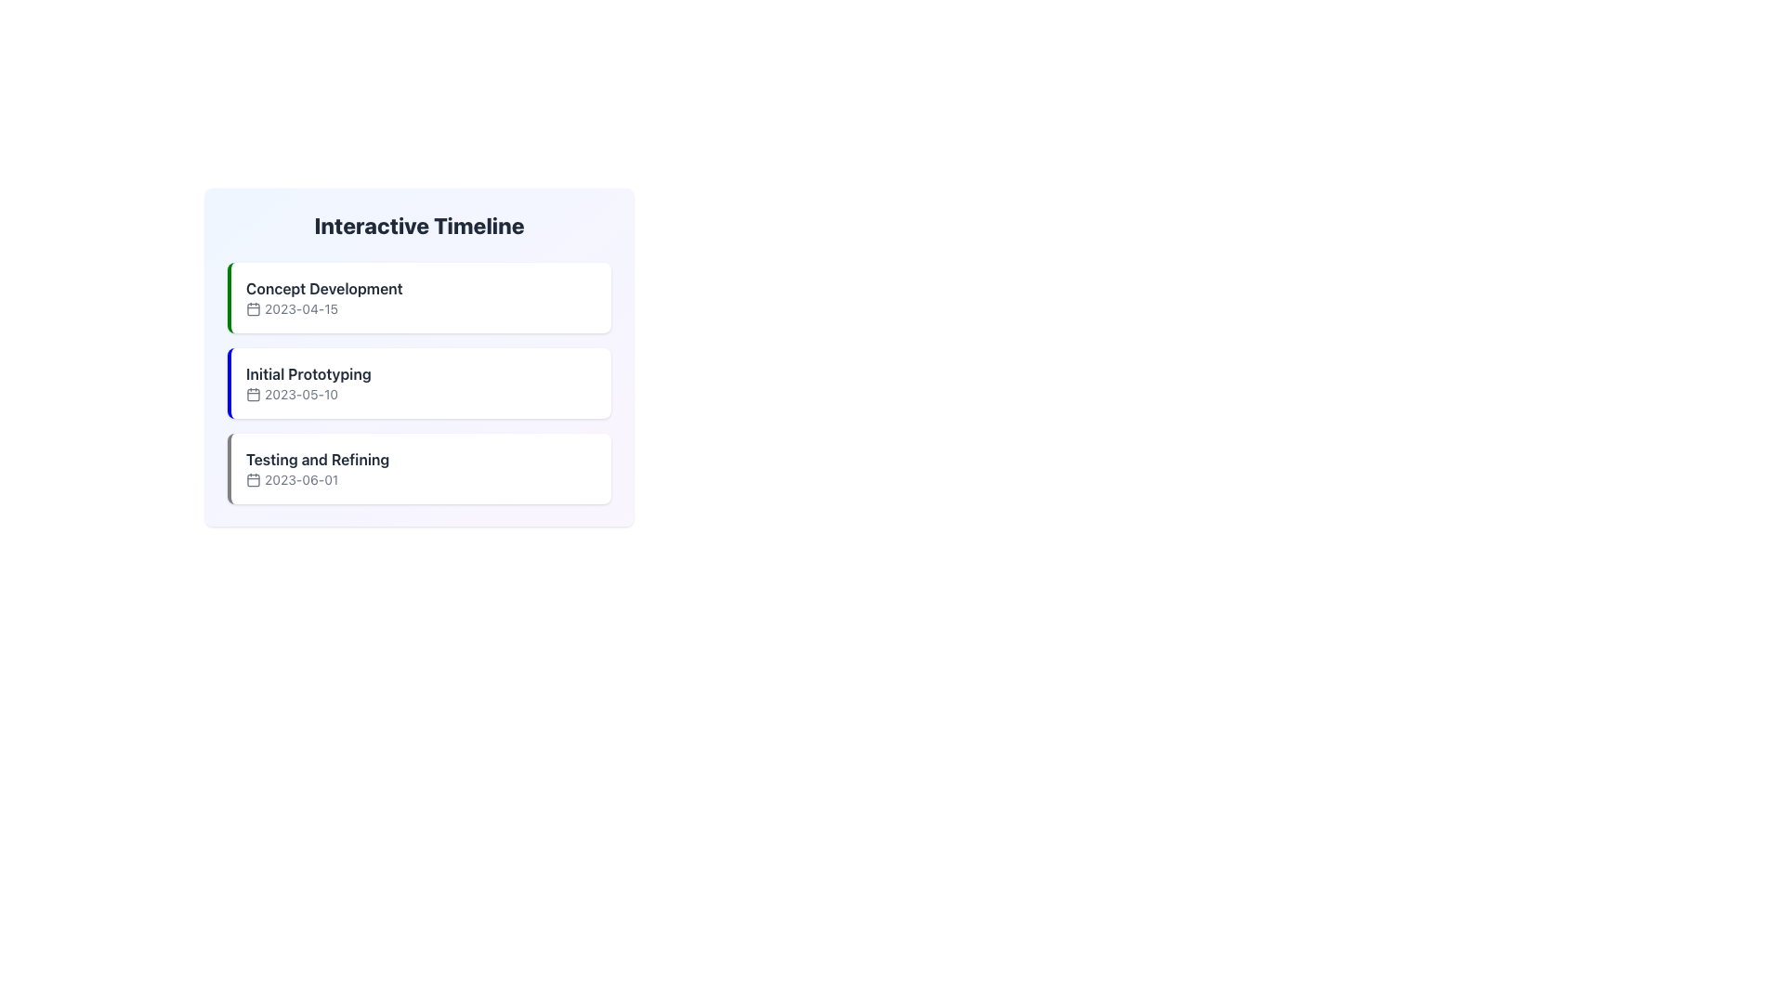  I want to click on the text block labeled 'Testing and Refining' which includes the date '2023-06-01' and a calendar icon, located within a white rounded rectangle with a gray border, so click(318, 468).